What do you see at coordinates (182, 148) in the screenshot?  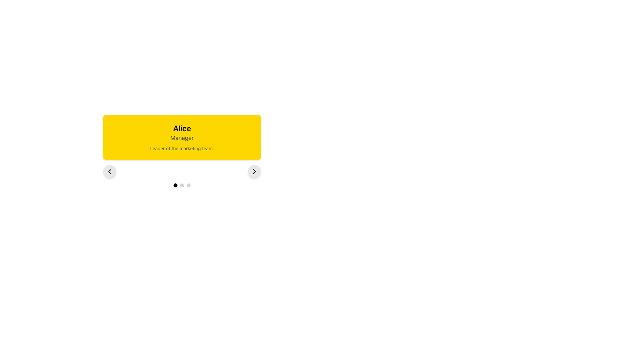 I see `the text element displaying 'Leader of the marketing team.' which is styled in a small gray font on a prominent yellow background` at bounding box center [182, 148].